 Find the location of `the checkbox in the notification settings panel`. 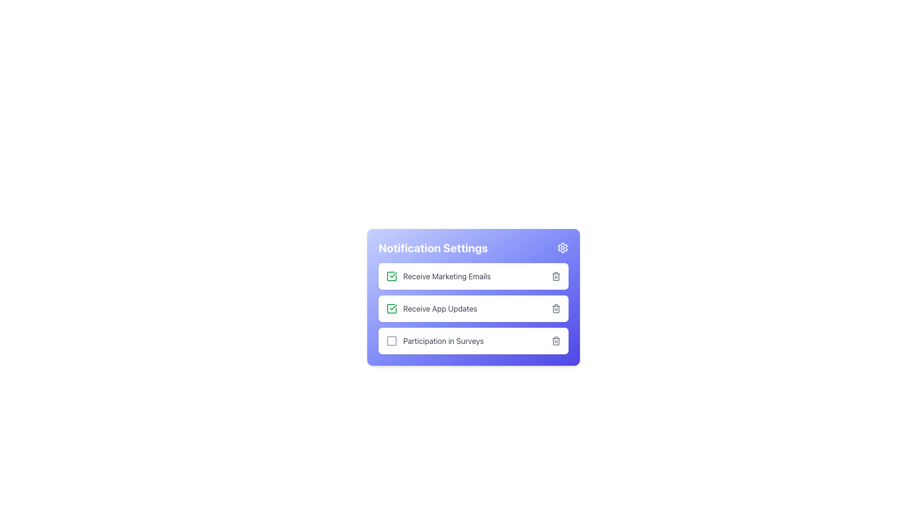

the checkbox in the notification settings panel is located at coordinates (474, 296).